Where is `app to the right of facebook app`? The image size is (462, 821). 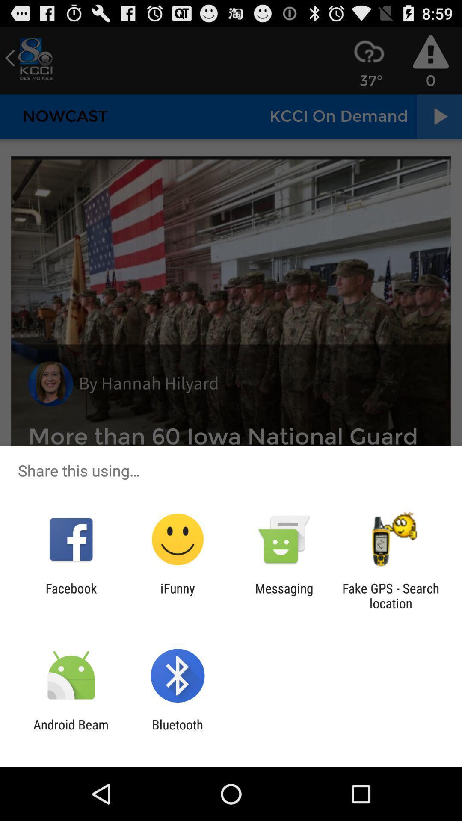 app to the right of facebook app is located at coordinates (177, 595).